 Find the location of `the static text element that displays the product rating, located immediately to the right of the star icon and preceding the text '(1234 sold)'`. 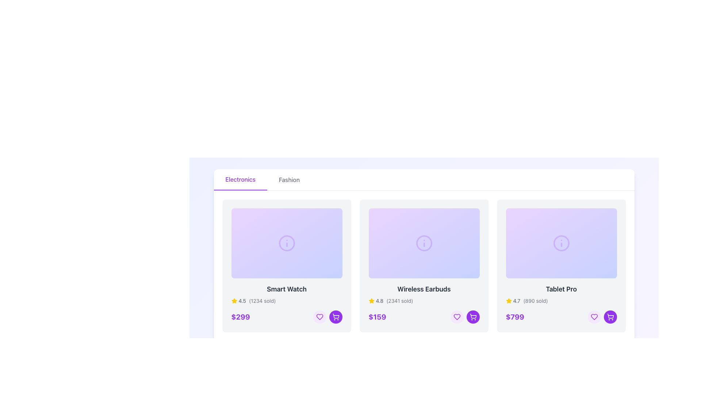

the static text element that displays the product rating, located immediately to the right of the star icon and preceding the text '(1234 sold)' is located at coordinates (242, 301).